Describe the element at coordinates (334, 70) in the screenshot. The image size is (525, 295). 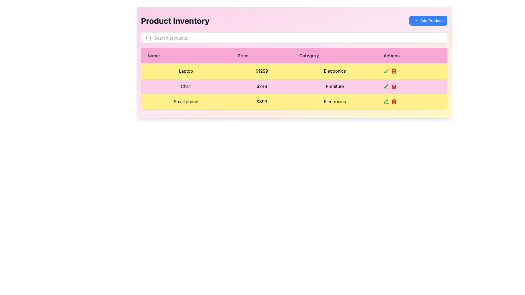
I see `text label in the 'Category' column of the first row, which identifies the product category as 'Electronics'` at that location.